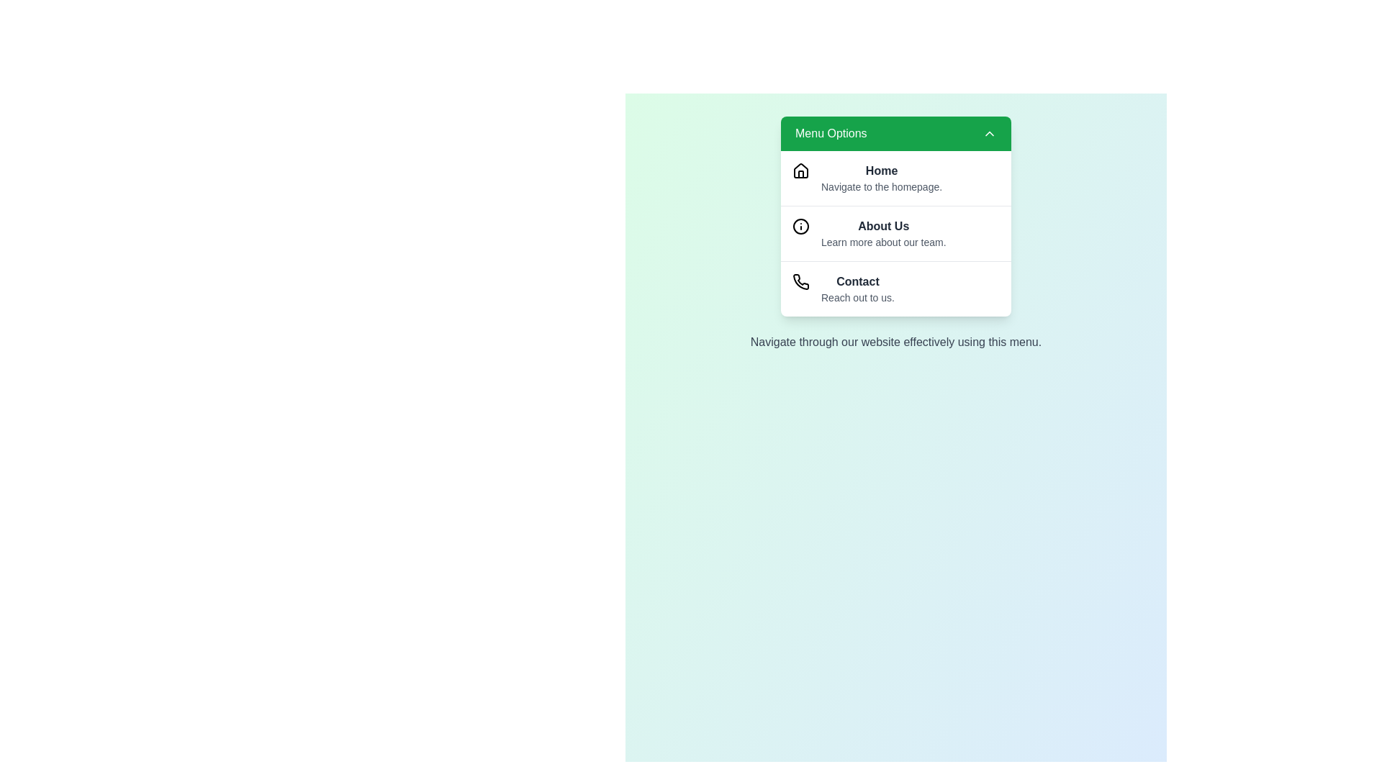 The width and height of the screenshot is (1382, 777). I want to click on the menu option About Us to view additional feedback, so click(895, 232).